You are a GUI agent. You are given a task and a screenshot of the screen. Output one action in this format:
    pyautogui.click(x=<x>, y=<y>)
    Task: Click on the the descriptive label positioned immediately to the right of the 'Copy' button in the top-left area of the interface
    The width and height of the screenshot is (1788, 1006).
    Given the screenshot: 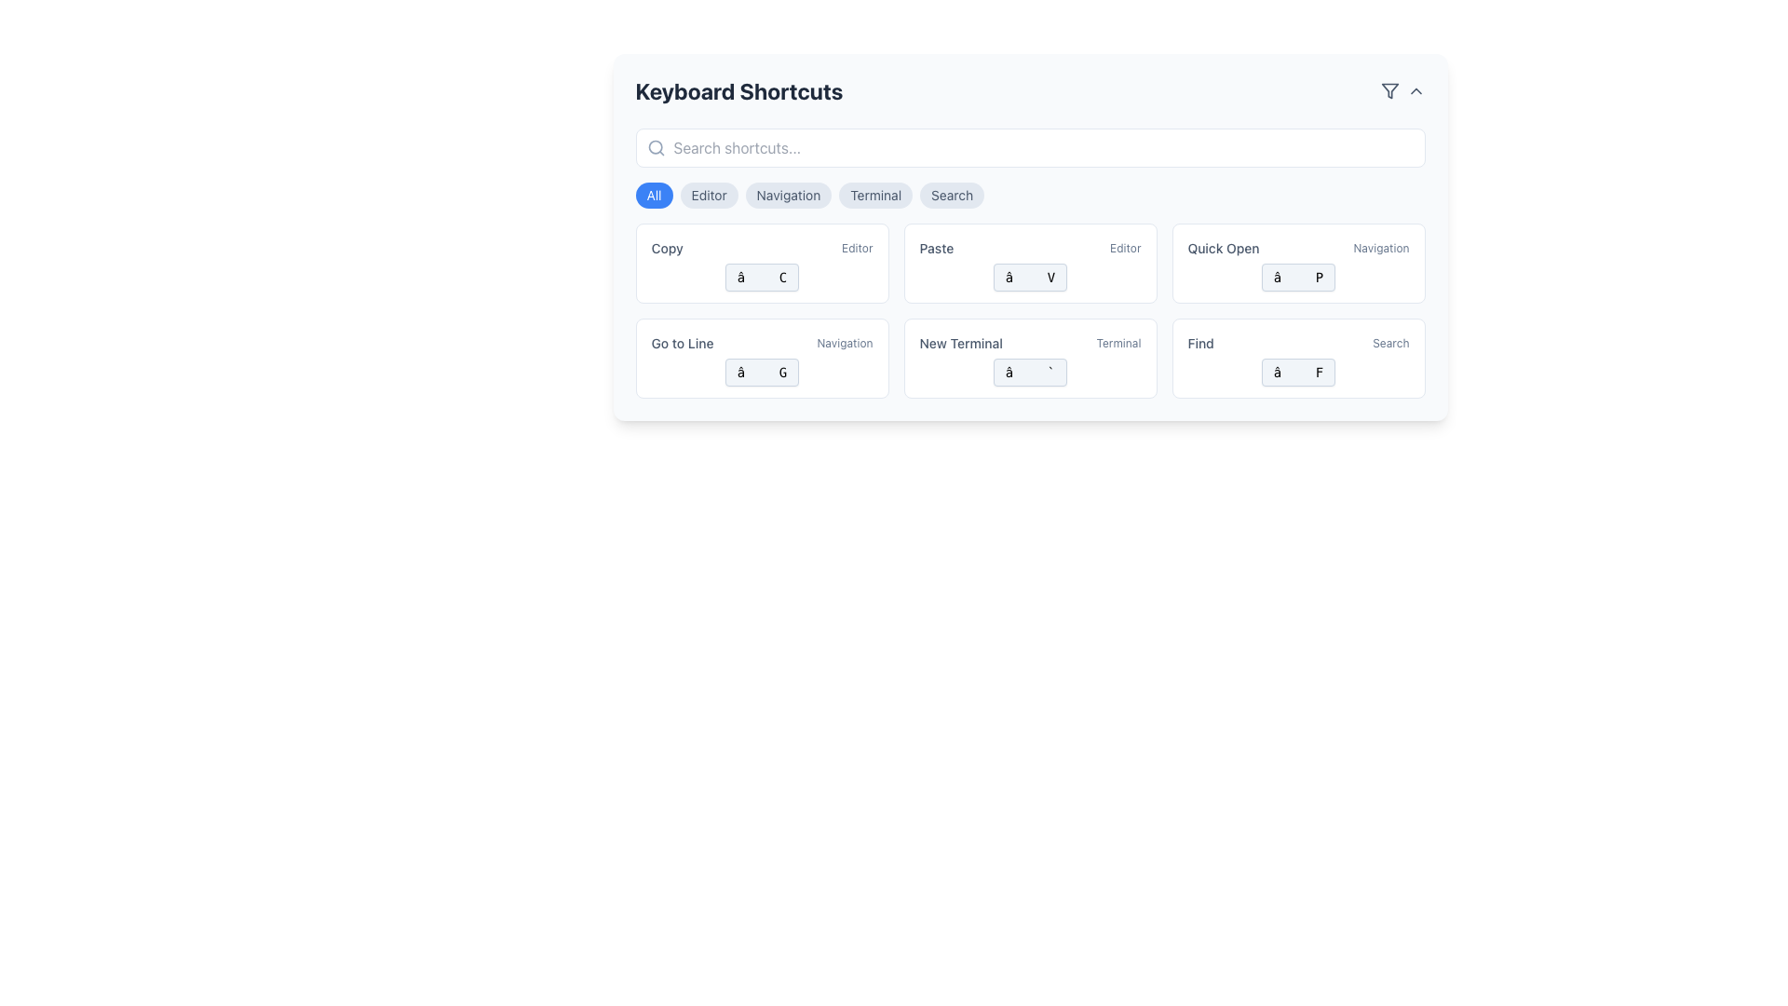 What is the action you would take?
    pyautogui.click(x=856, y=247)
    